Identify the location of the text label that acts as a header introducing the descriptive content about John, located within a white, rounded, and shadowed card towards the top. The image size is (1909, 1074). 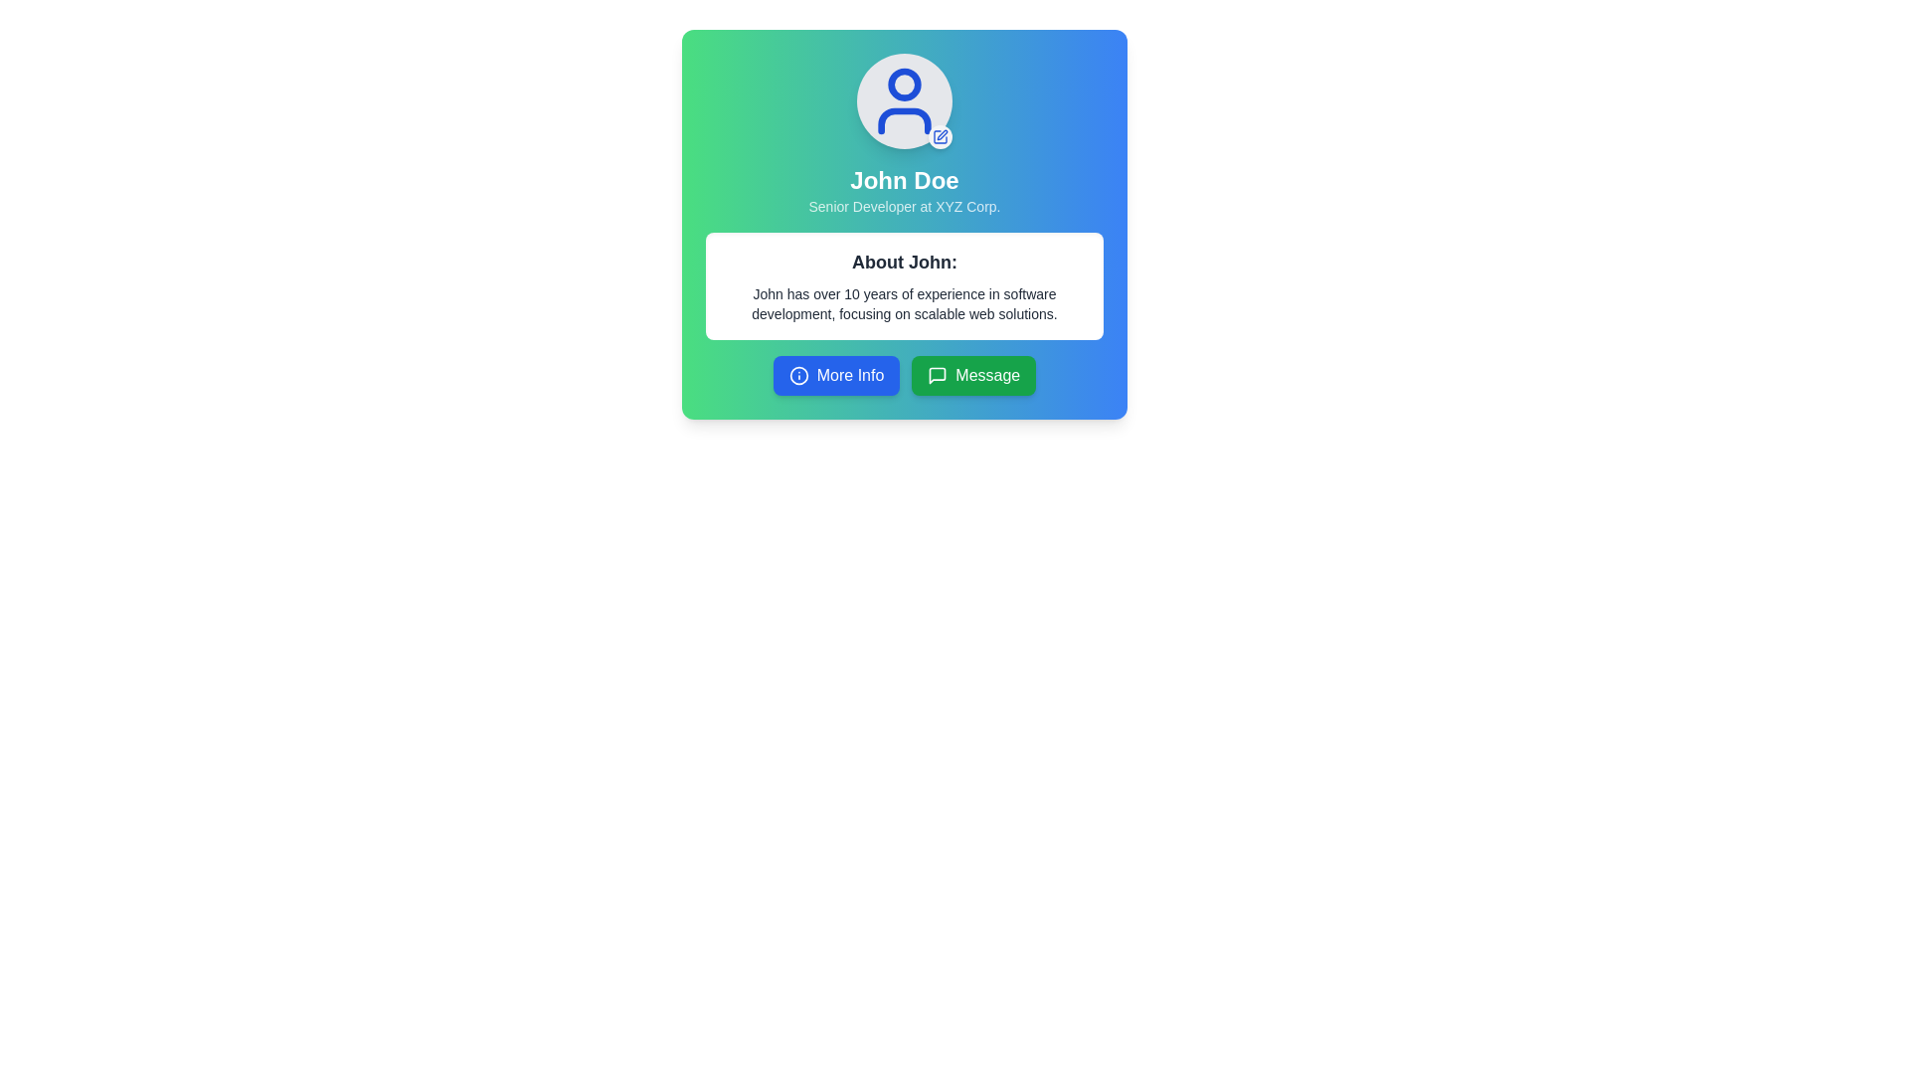
(904, 261).